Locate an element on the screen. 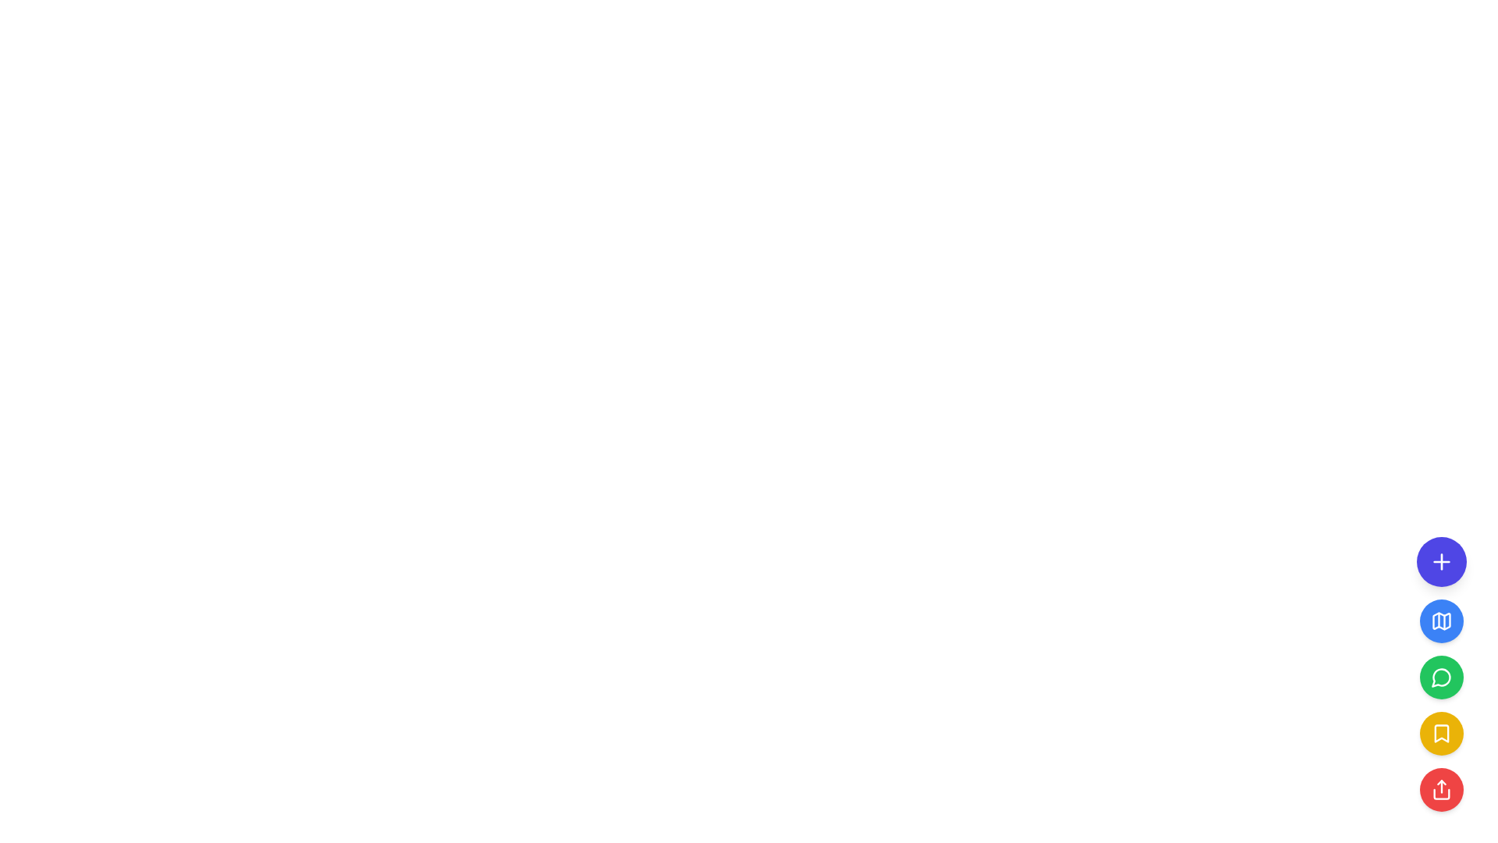 This screenshot has width=1498, height=843. the third button in the vertical stack located at the bottom right corner of the interface is located at coordinates (1441, 674).